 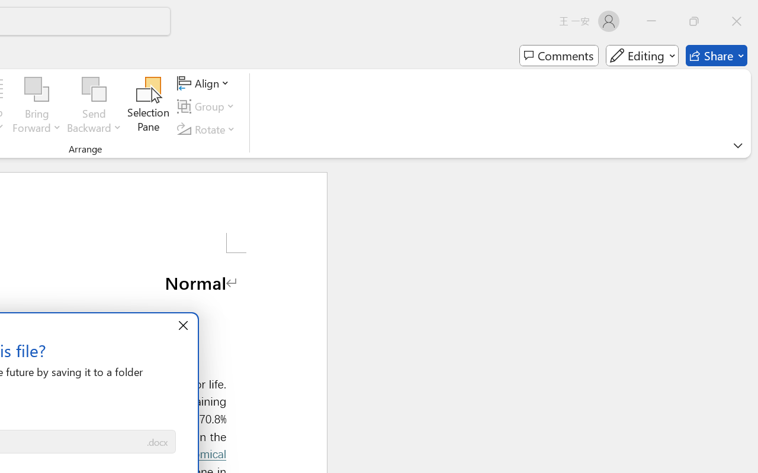 What do you see at coordinates (94, 89) in the screenshot?
I see `'Send Backward'` at bounding box center [94, 89].